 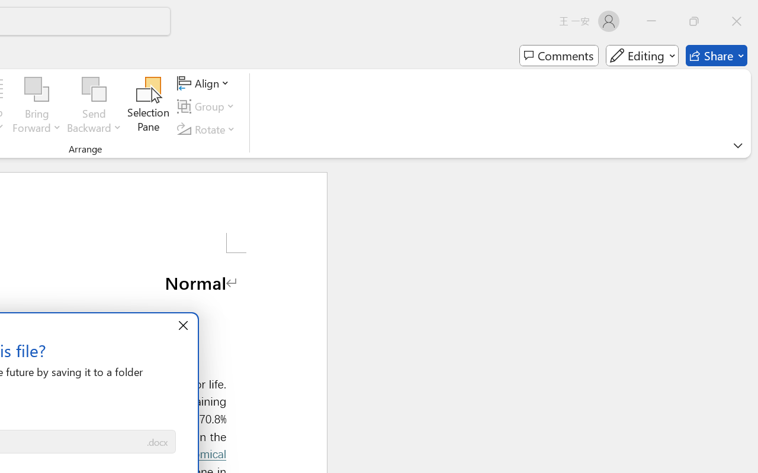 What do you see at coordinates (94, 89) in the screenshot?
I see `'Send Backward'` at bounding box center [94, 89].